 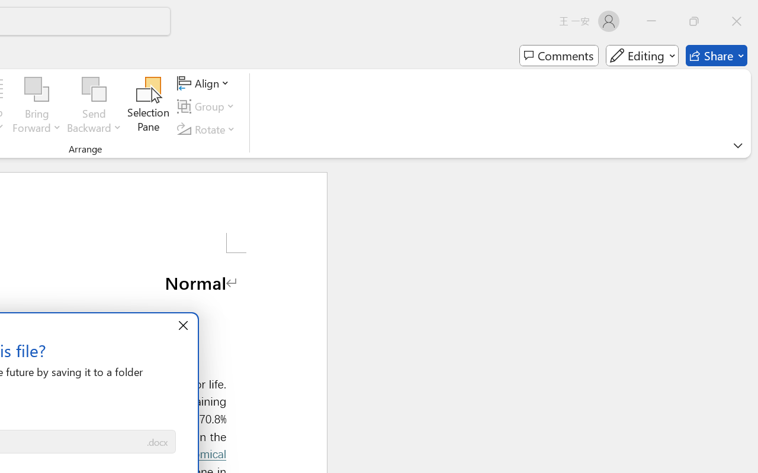 What do you see at coordinates (94, 89) in the screenshot?
I see `'Send Backward'` at bounding box center [94, 89].